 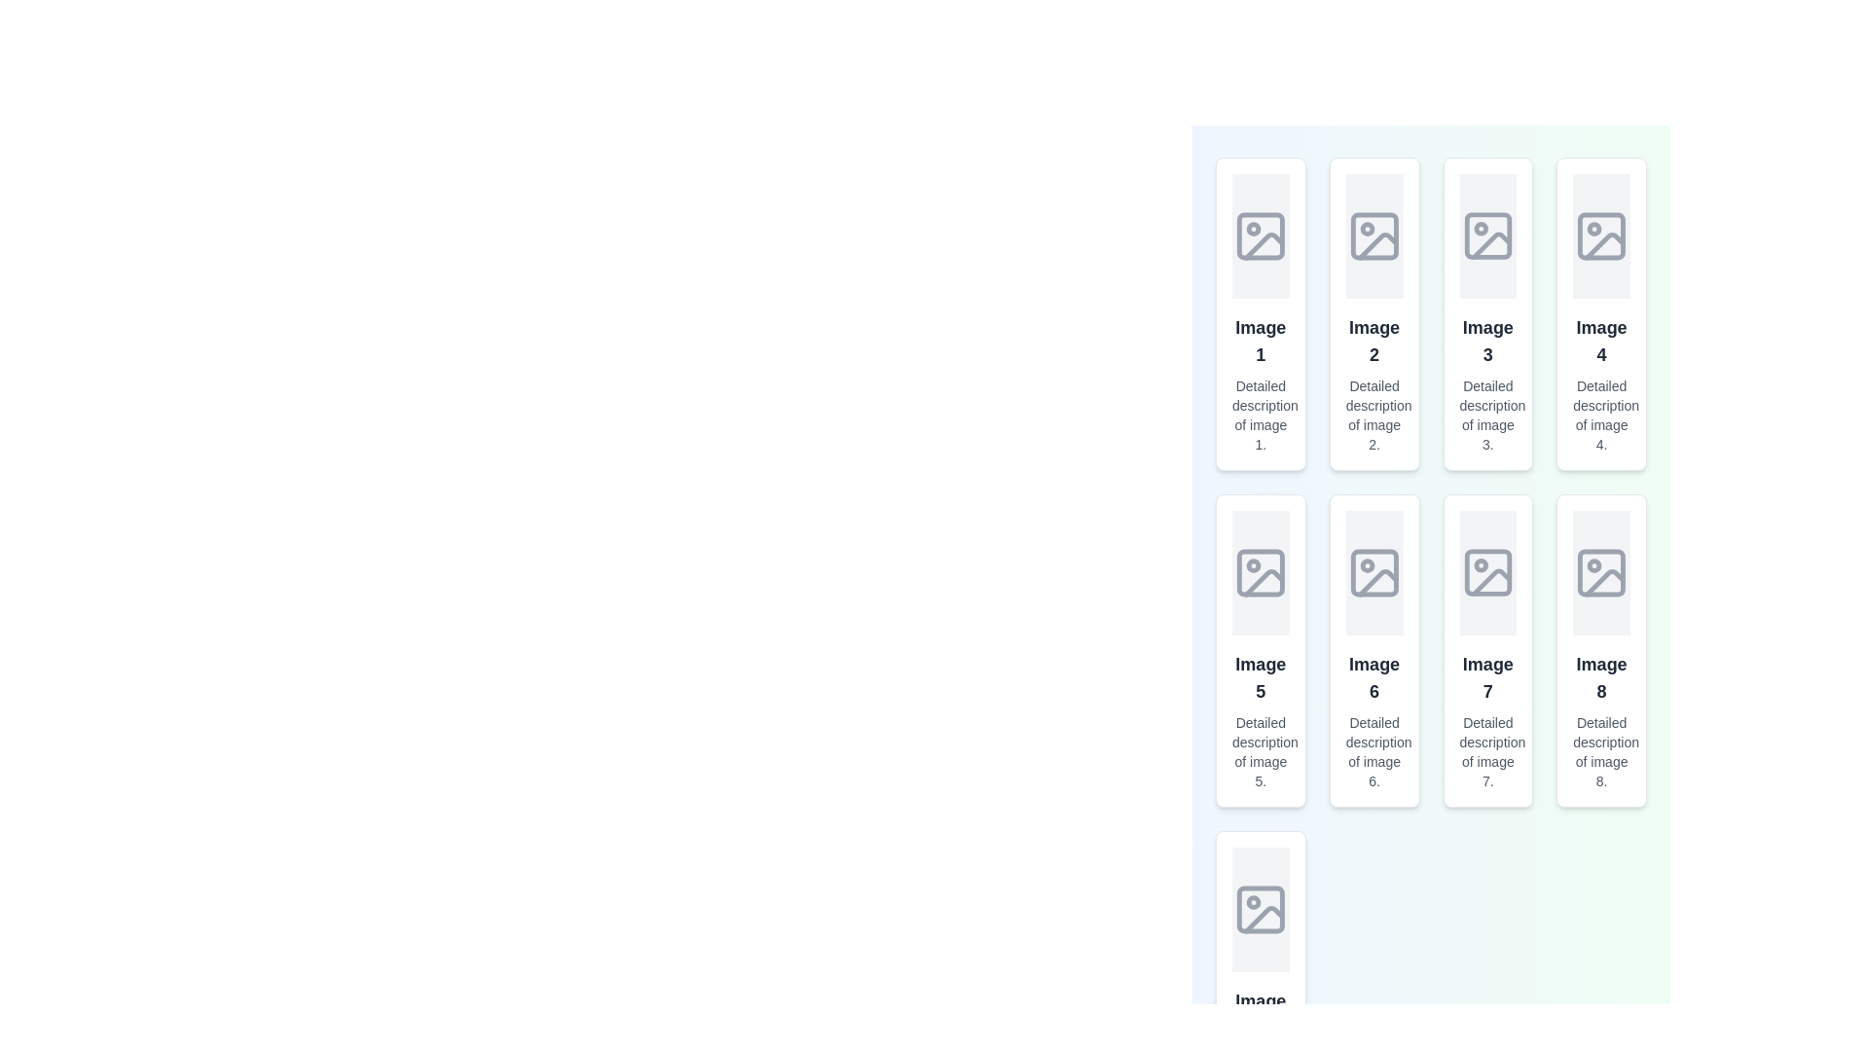 I want to click on the styling of the fourth card in the grid layout, which contains an image and associated information, positioned to the right of the first three images and above the eighth image, so click(x=1601, y=313).